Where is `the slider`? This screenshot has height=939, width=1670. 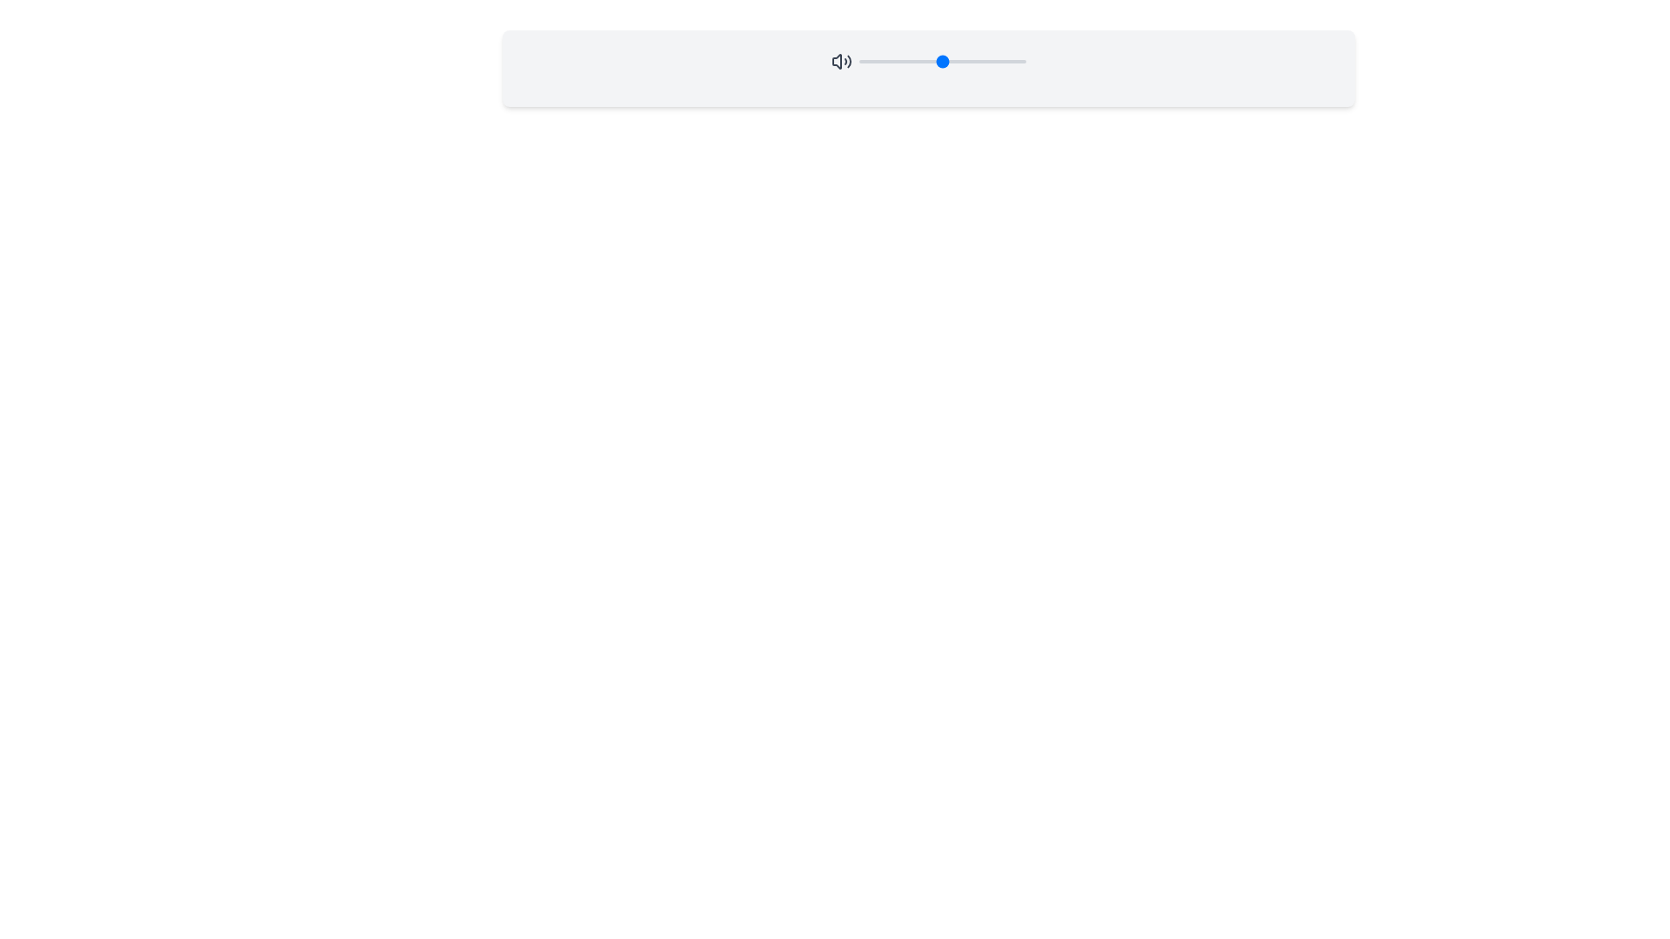 the slider is located at coordinates (865, 60).